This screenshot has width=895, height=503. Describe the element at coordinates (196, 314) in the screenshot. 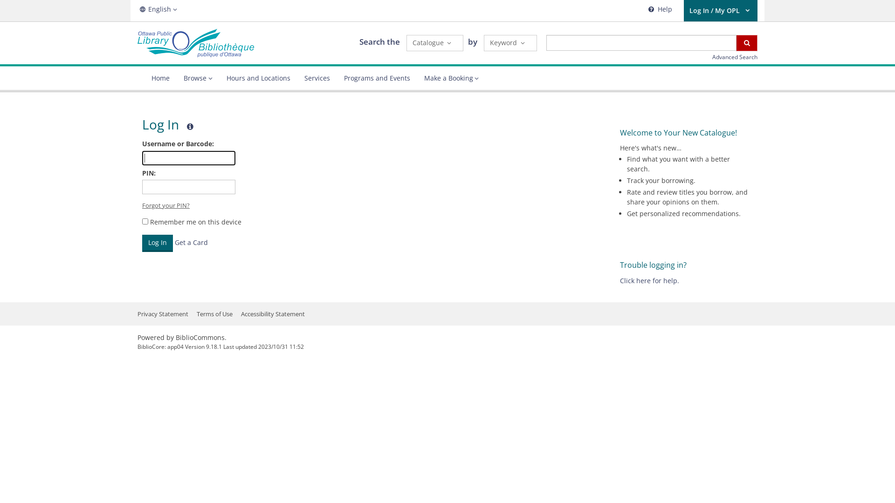

I see `'Terms of Use'` at that location.